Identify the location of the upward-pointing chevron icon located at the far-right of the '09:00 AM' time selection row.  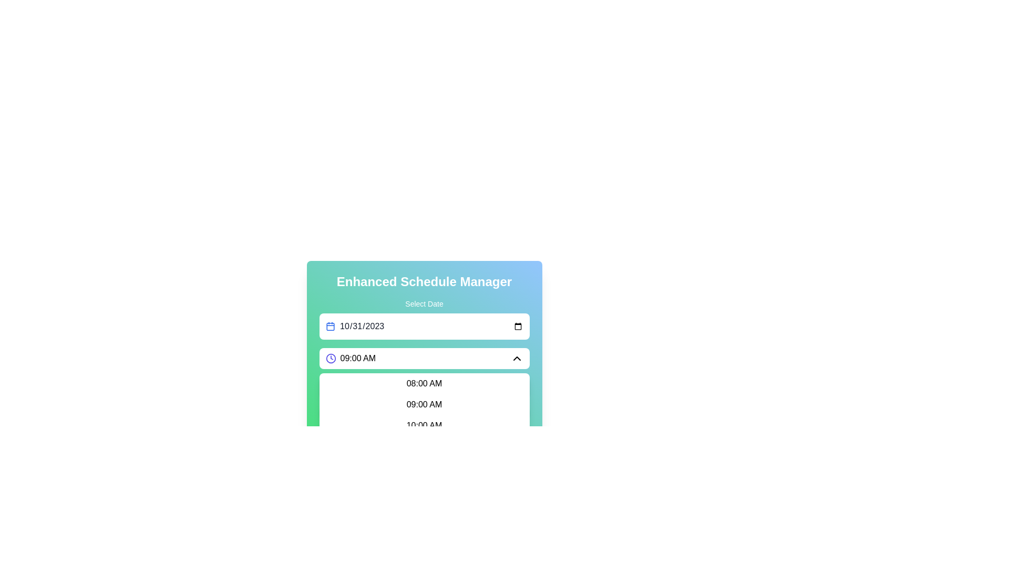
(517, 358).